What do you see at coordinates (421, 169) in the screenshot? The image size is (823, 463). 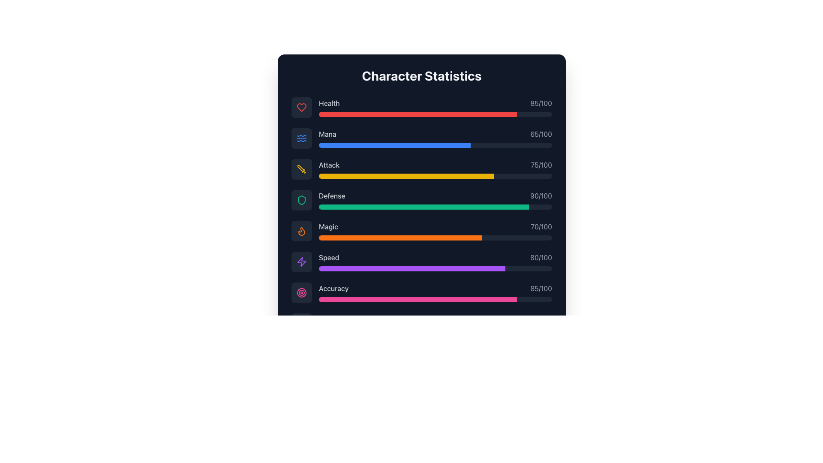 I see `the 'Attack' statistic display component, which shows the value 75/100 and is located between the 'Mana' and 'Defense' entries in the vertical grid under 'Character Statistics'` at bounding box center [421, 169].